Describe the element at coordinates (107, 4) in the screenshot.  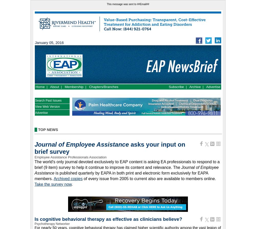
I see `'This message was sent to ##Email##'` at that location.